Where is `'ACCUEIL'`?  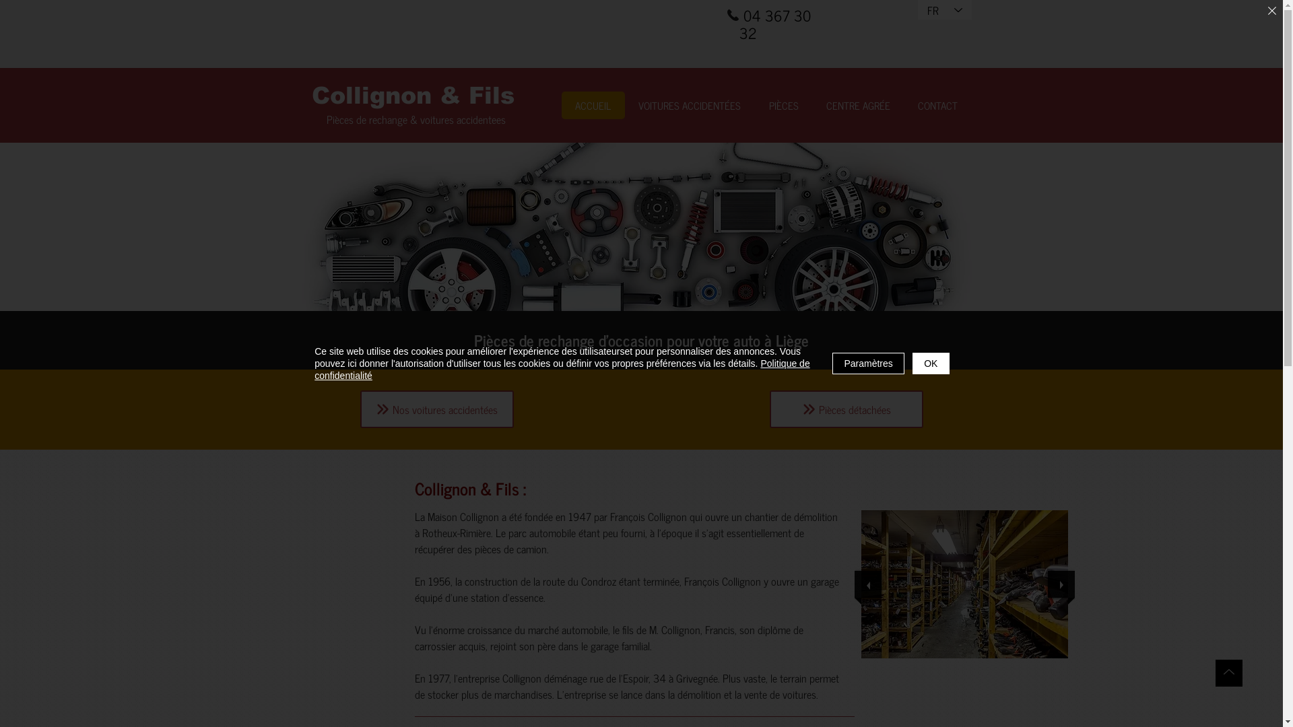
'ACCUEIL' is located at coordinates (593, 104).